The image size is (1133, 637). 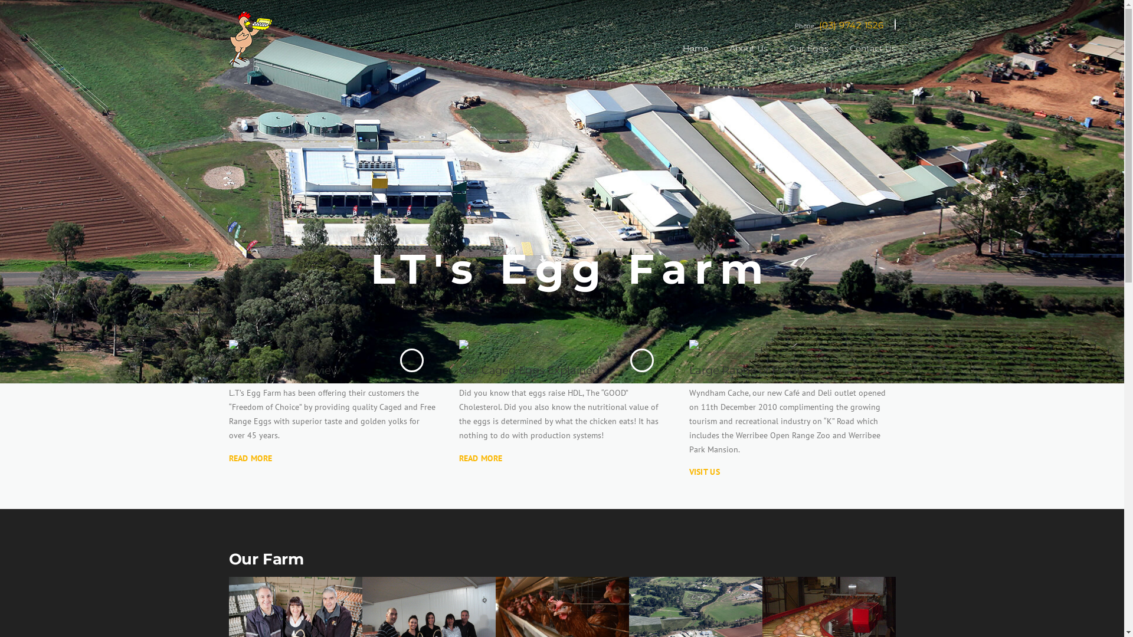 What do you see at coordinates (895, 25) in the screenshot?
I see `'Email'` at bounding box center [895, 25].